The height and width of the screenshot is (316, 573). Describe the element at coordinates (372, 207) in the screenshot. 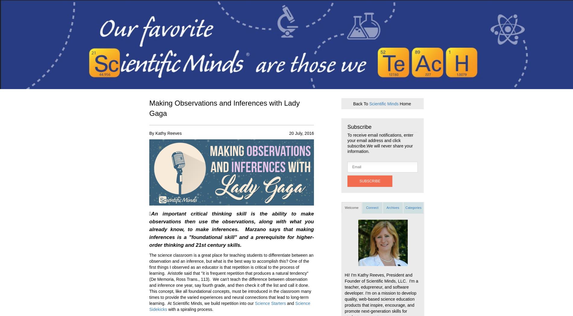

I see `'Connect'` at that location.